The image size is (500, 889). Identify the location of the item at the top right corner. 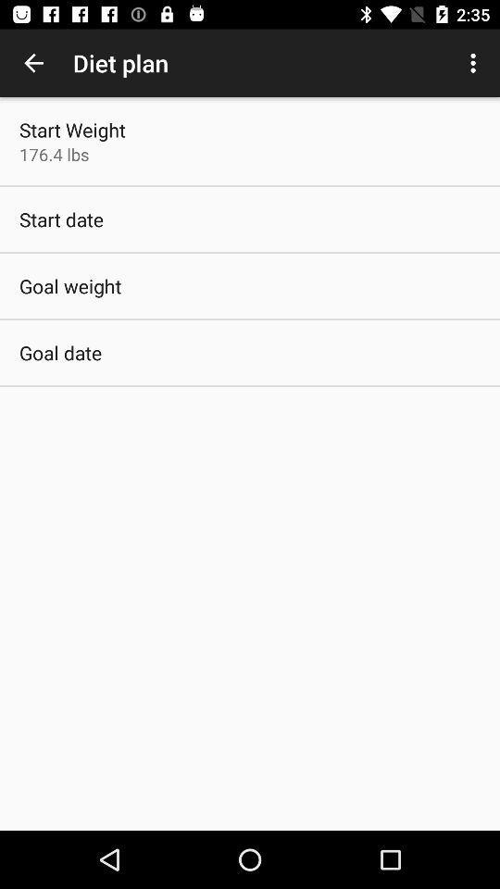
(475, 63).